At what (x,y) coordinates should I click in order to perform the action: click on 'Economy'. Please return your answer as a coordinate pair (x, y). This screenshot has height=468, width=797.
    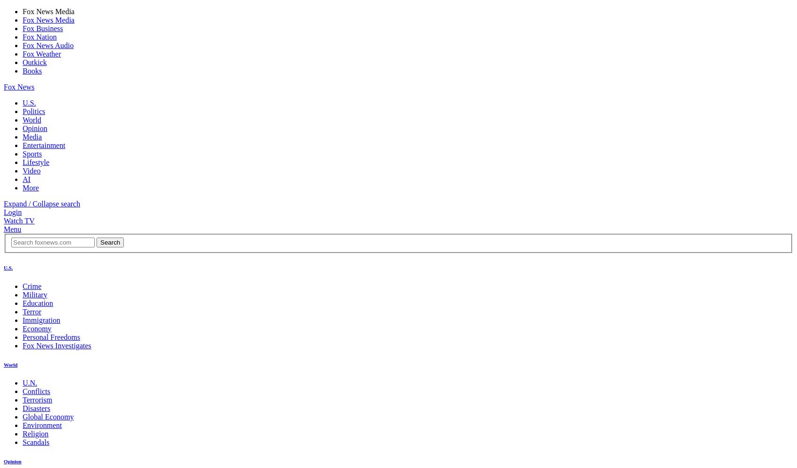
    Looking at the image, I should click on (37, 328).